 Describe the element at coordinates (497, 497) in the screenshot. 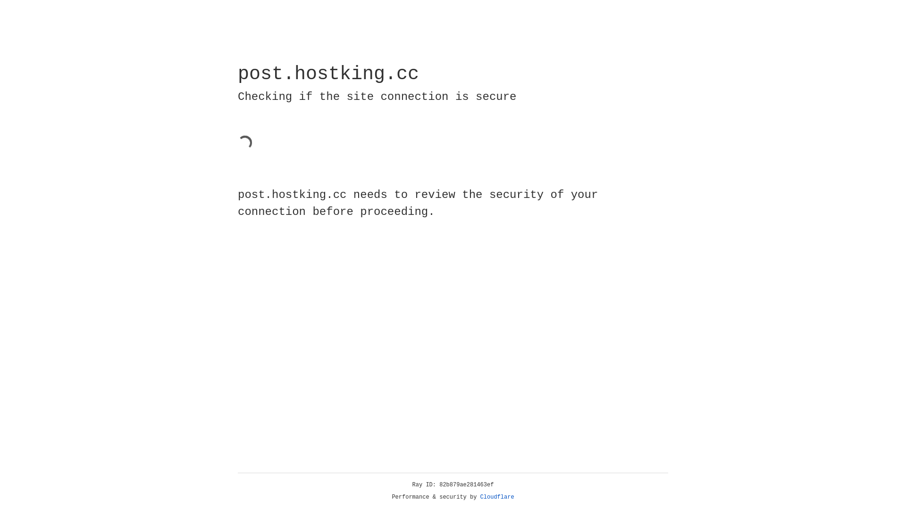

I see `'Cloudflare'` at that location.